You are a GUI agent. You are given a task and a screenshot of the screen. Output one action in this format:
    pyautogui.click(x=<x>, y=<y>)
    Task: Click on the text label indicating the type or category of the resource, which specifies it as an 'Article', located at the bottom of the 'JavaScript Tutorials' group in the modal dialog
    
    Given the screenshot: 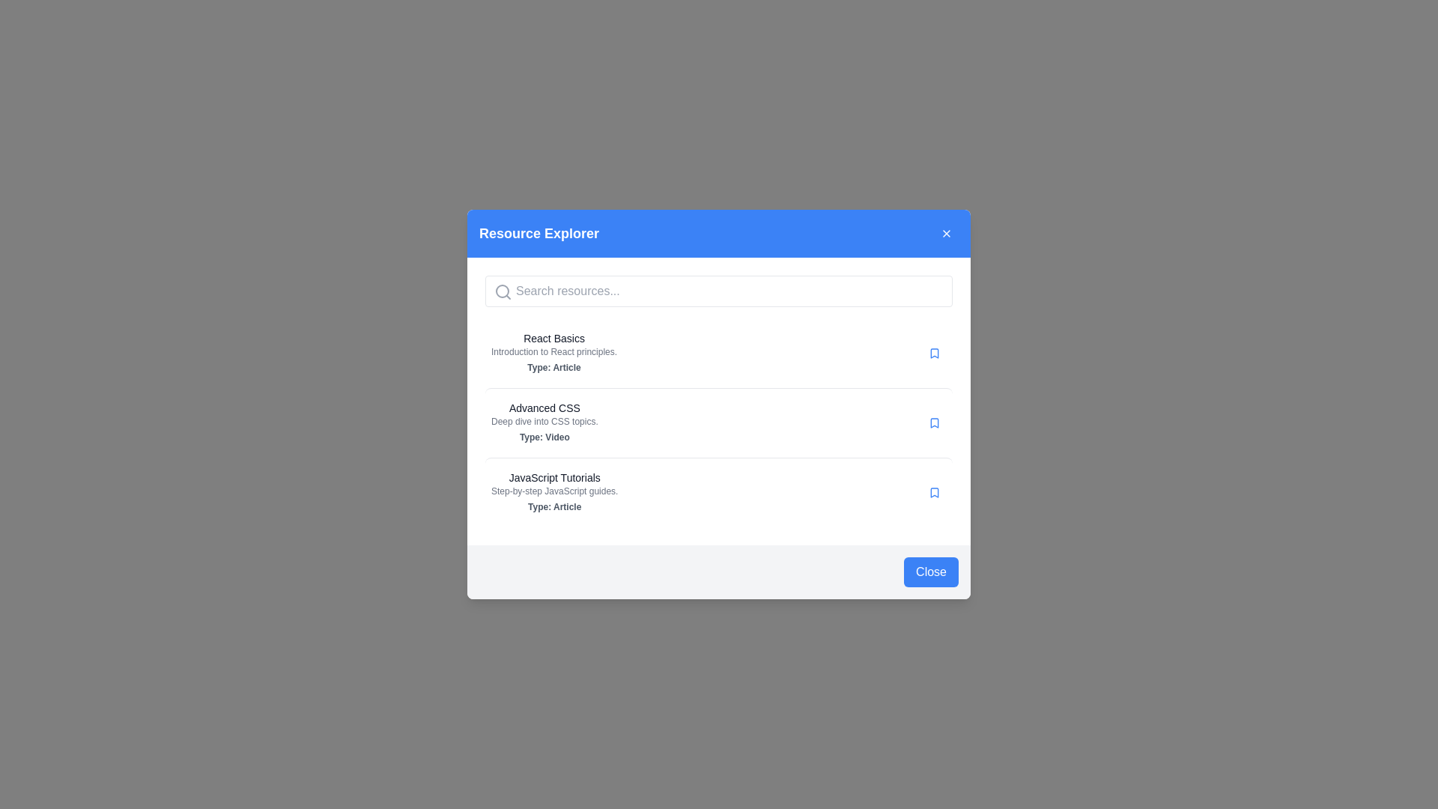 What is the action you would take?
    pyautogui.click(x=553, y=506)
    